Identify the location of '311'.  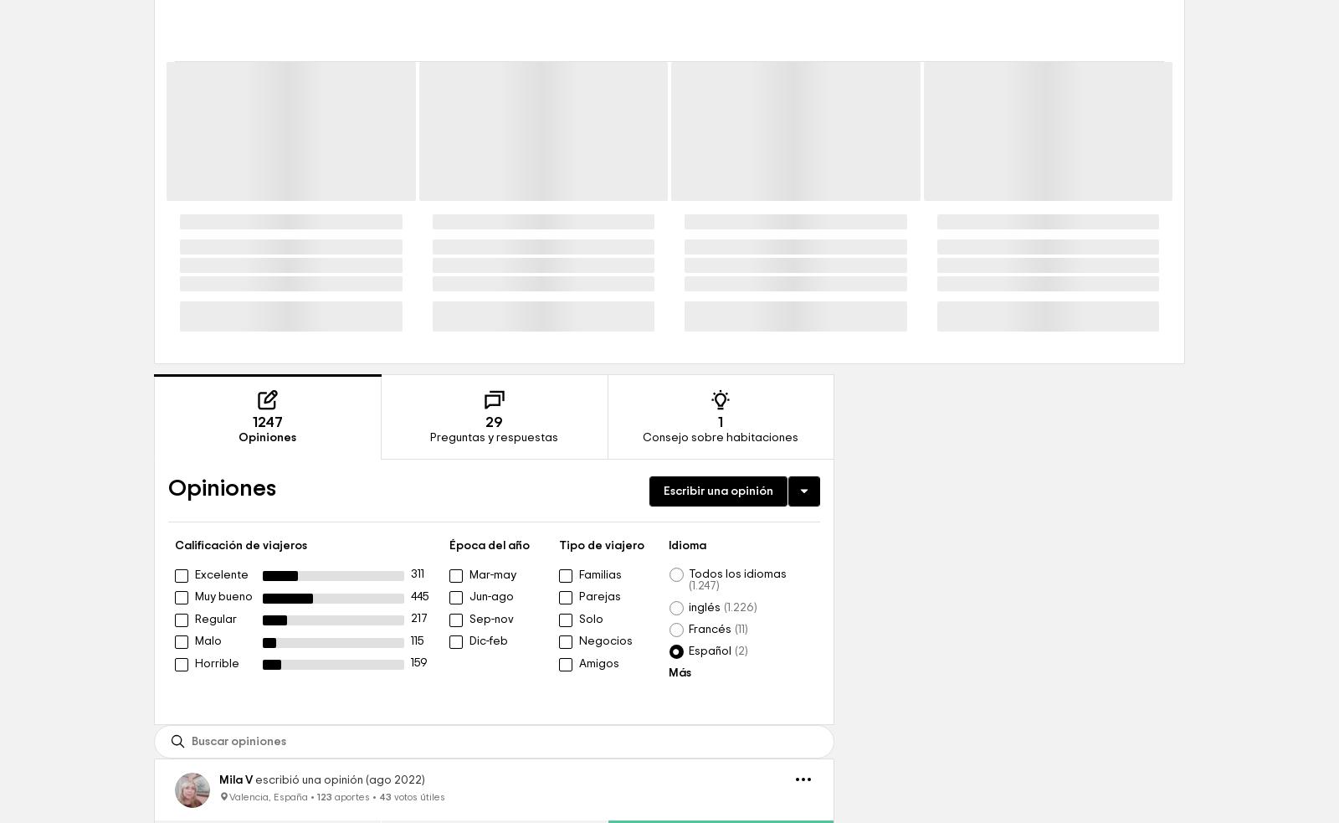
(417, 691).